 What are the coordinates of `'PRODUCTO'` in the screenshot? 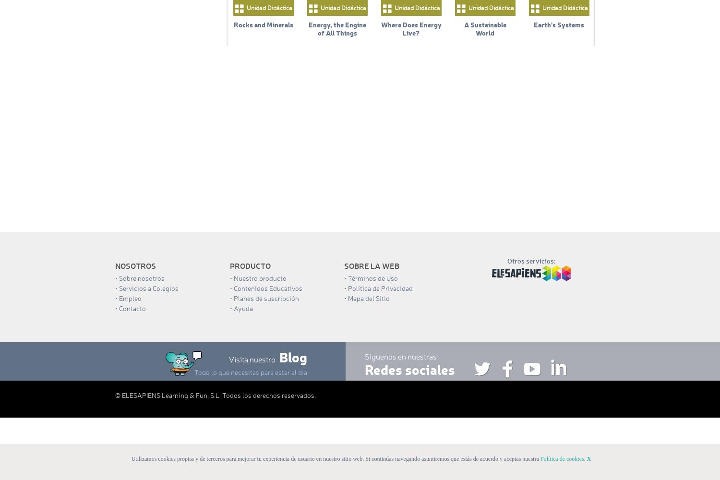 It's located at (250, 265).